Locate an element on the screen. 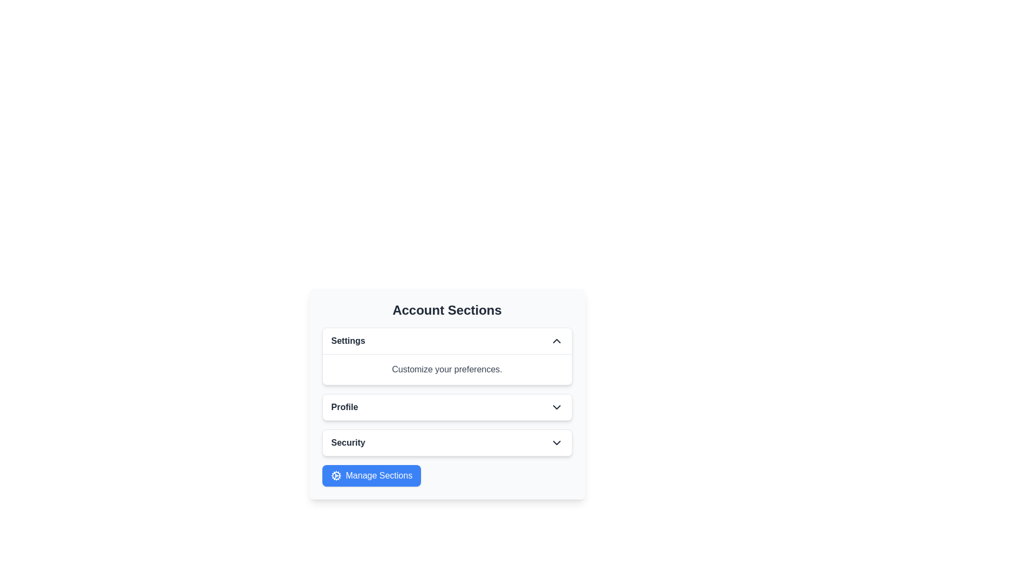 This screenshot has width=1035, height=582. the button located in the 'Account Sections' section, below 'Settings', 'Profile', and 'Security' is located at coordinates (371, 475).